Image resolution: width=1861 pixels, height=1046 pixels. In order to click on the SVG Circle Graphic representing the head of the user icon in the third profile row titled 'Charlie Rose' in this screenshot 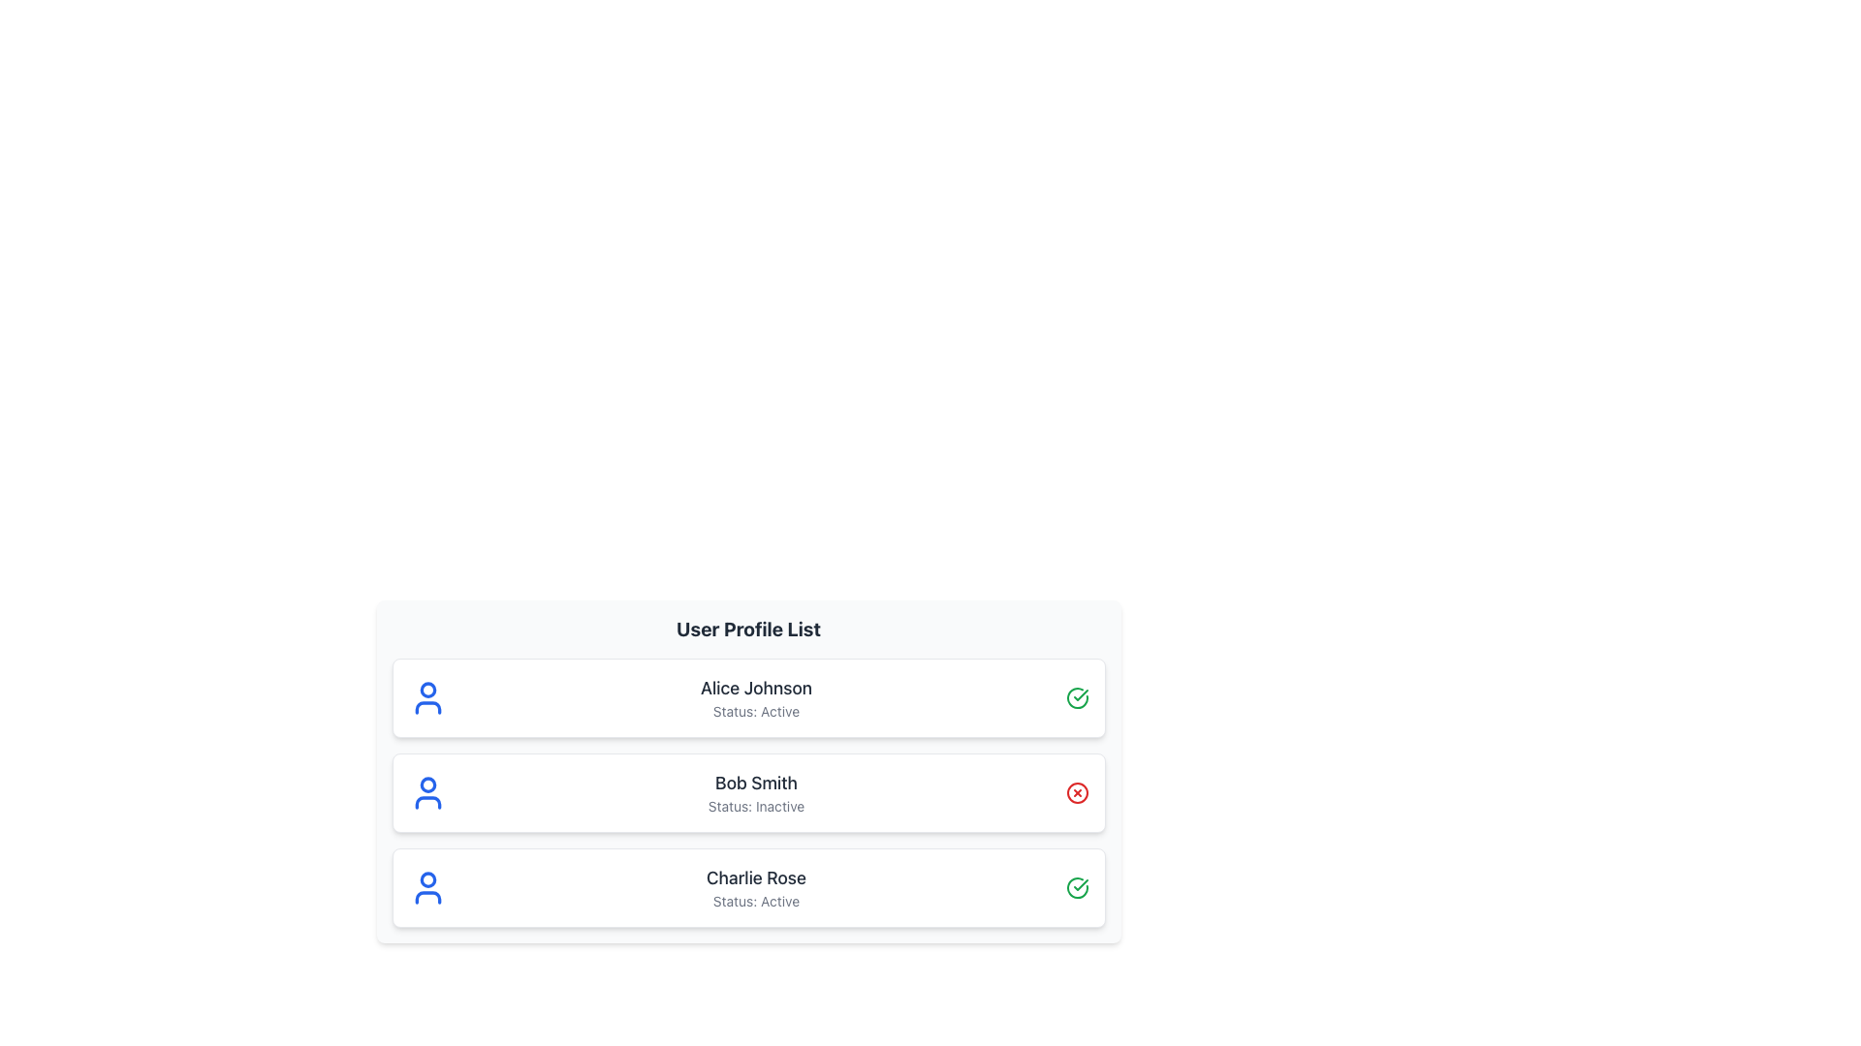, I will do `click(426, 879)`.